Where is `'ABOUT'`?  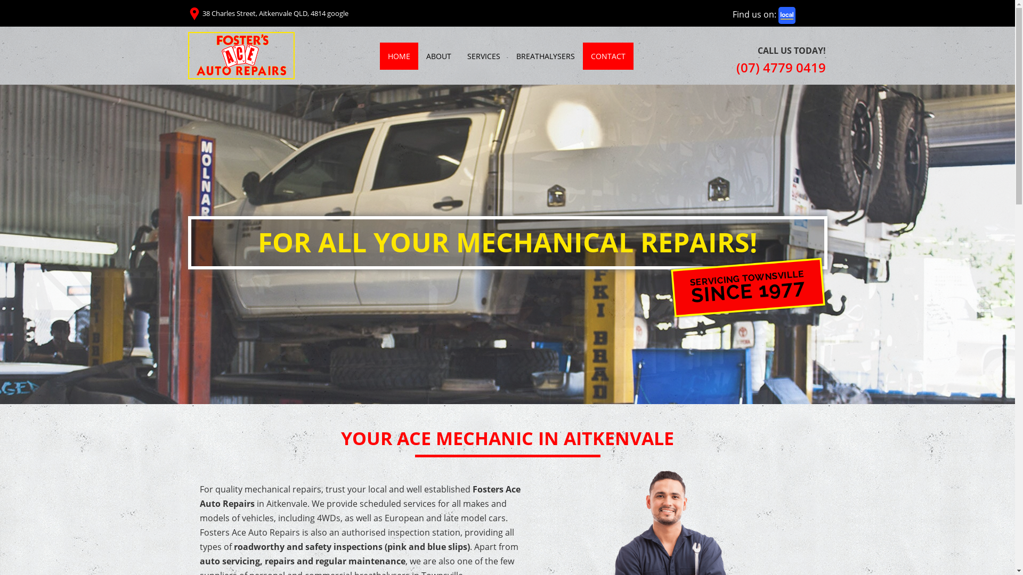 'ABOUT' is located at coordinates (417, 56).